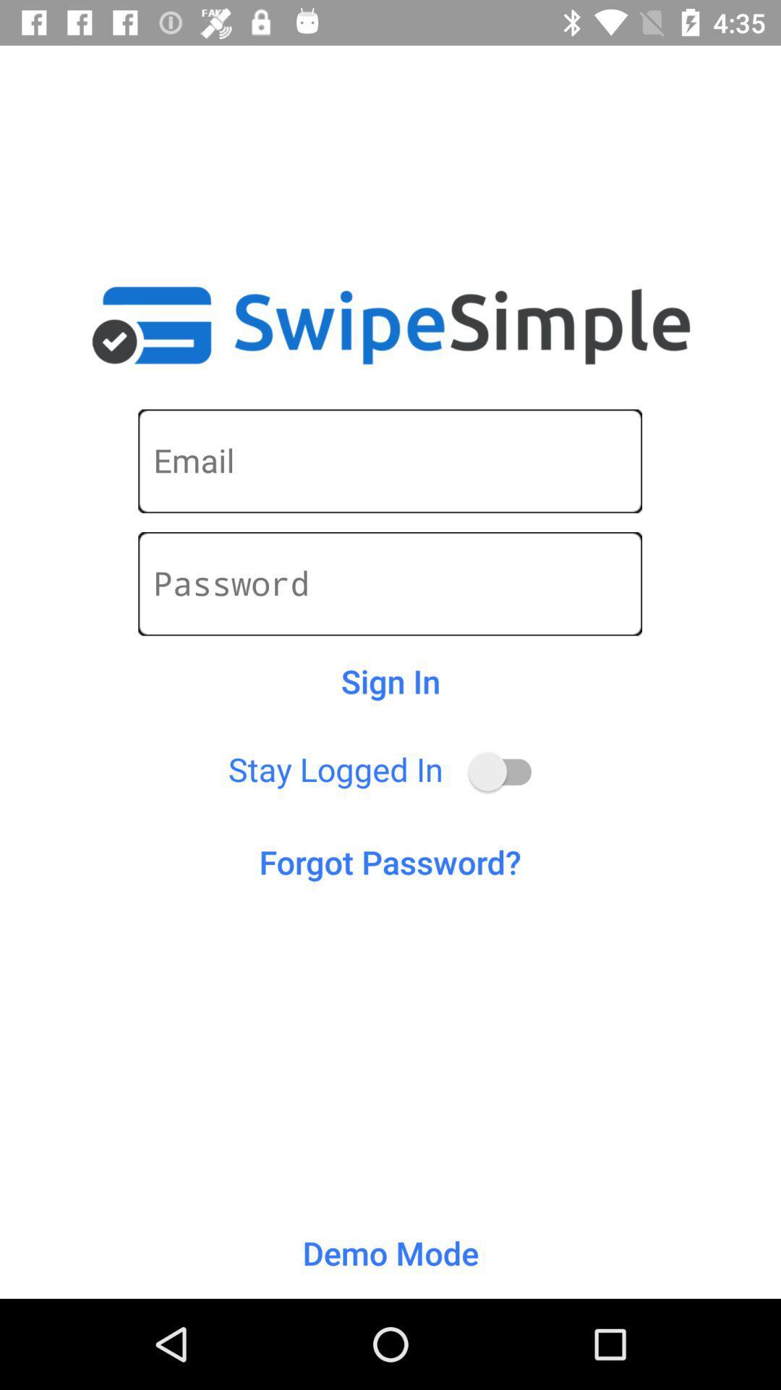  Describe the element at coordinates (389, 584) in the screenshot. I see `password` at that location.